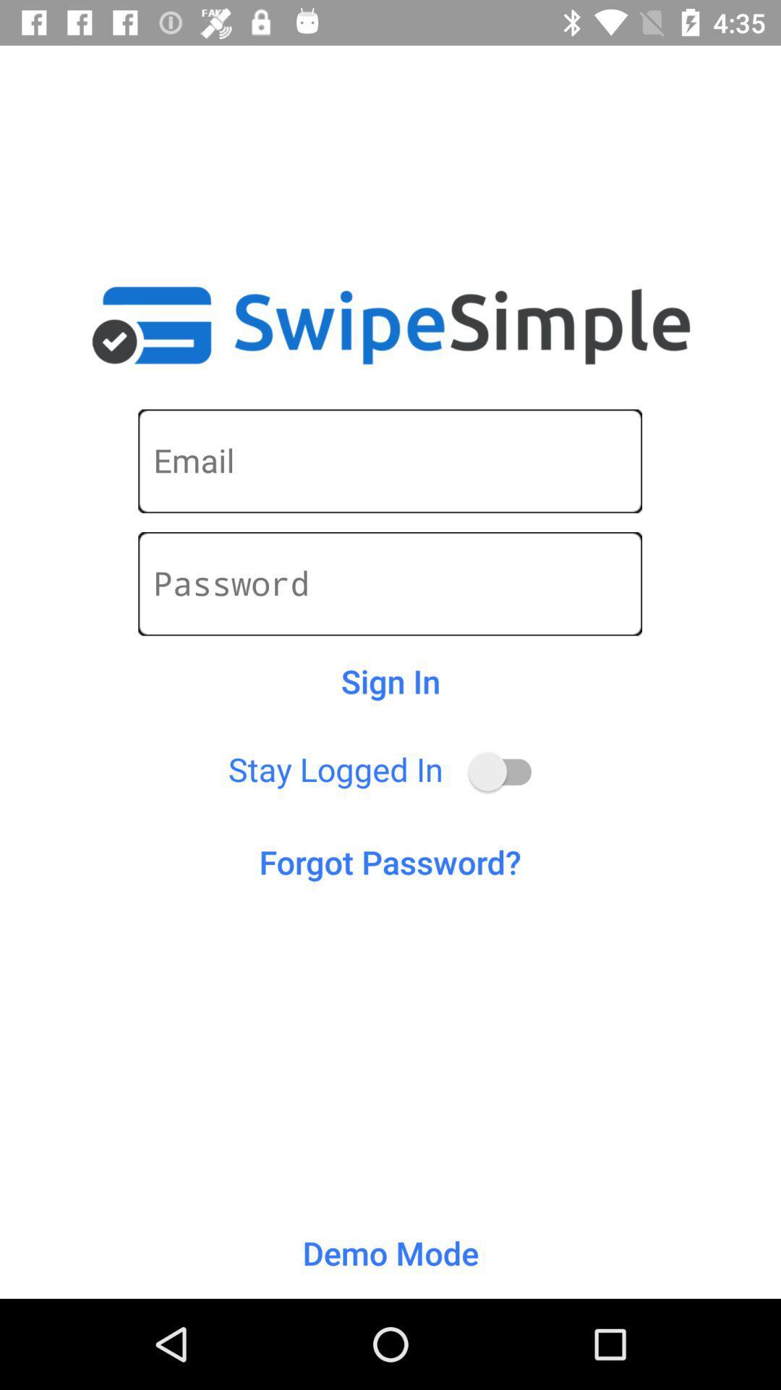  Describe the element at coordinates (389, 584) in the screenshot. I see `password` at that location.